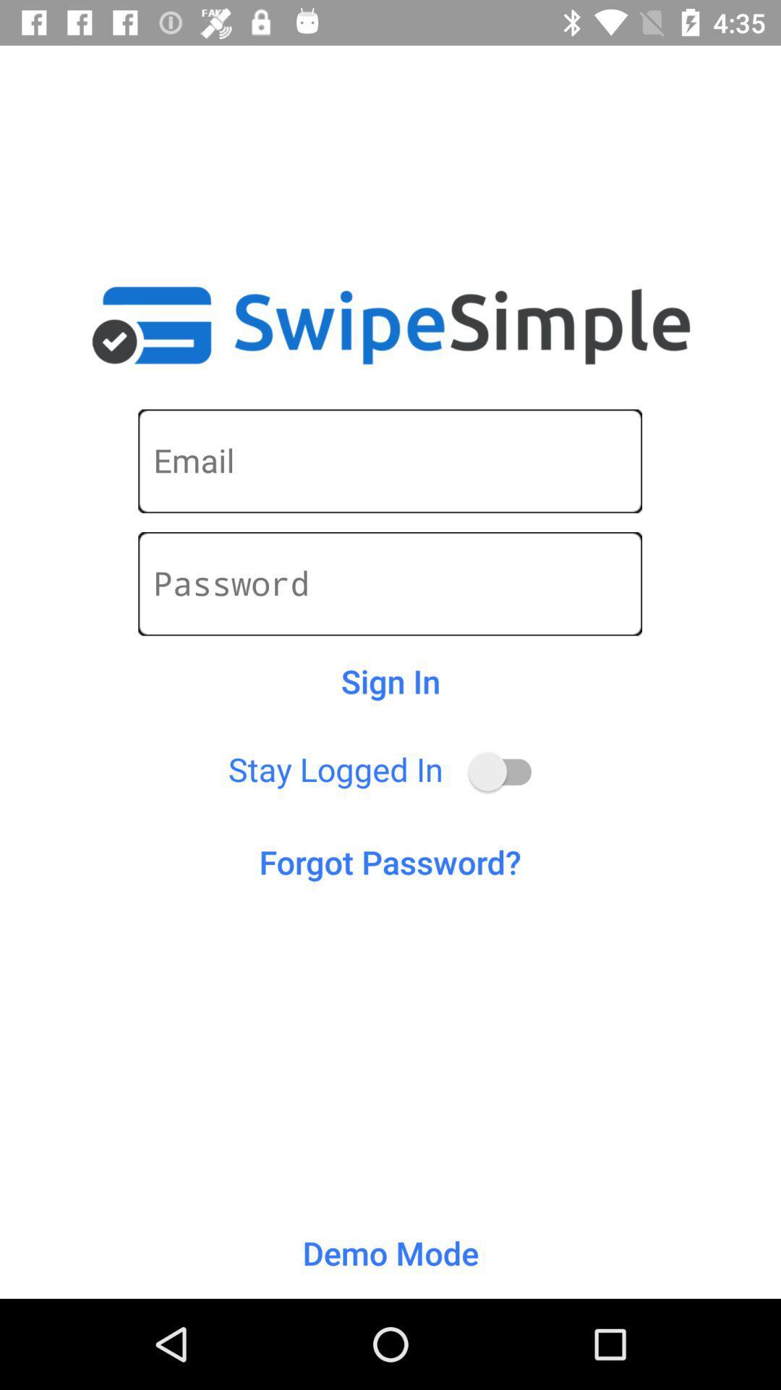  Describe the element at coordinates (389, 584) in the screenshot. I see `password` at that location.